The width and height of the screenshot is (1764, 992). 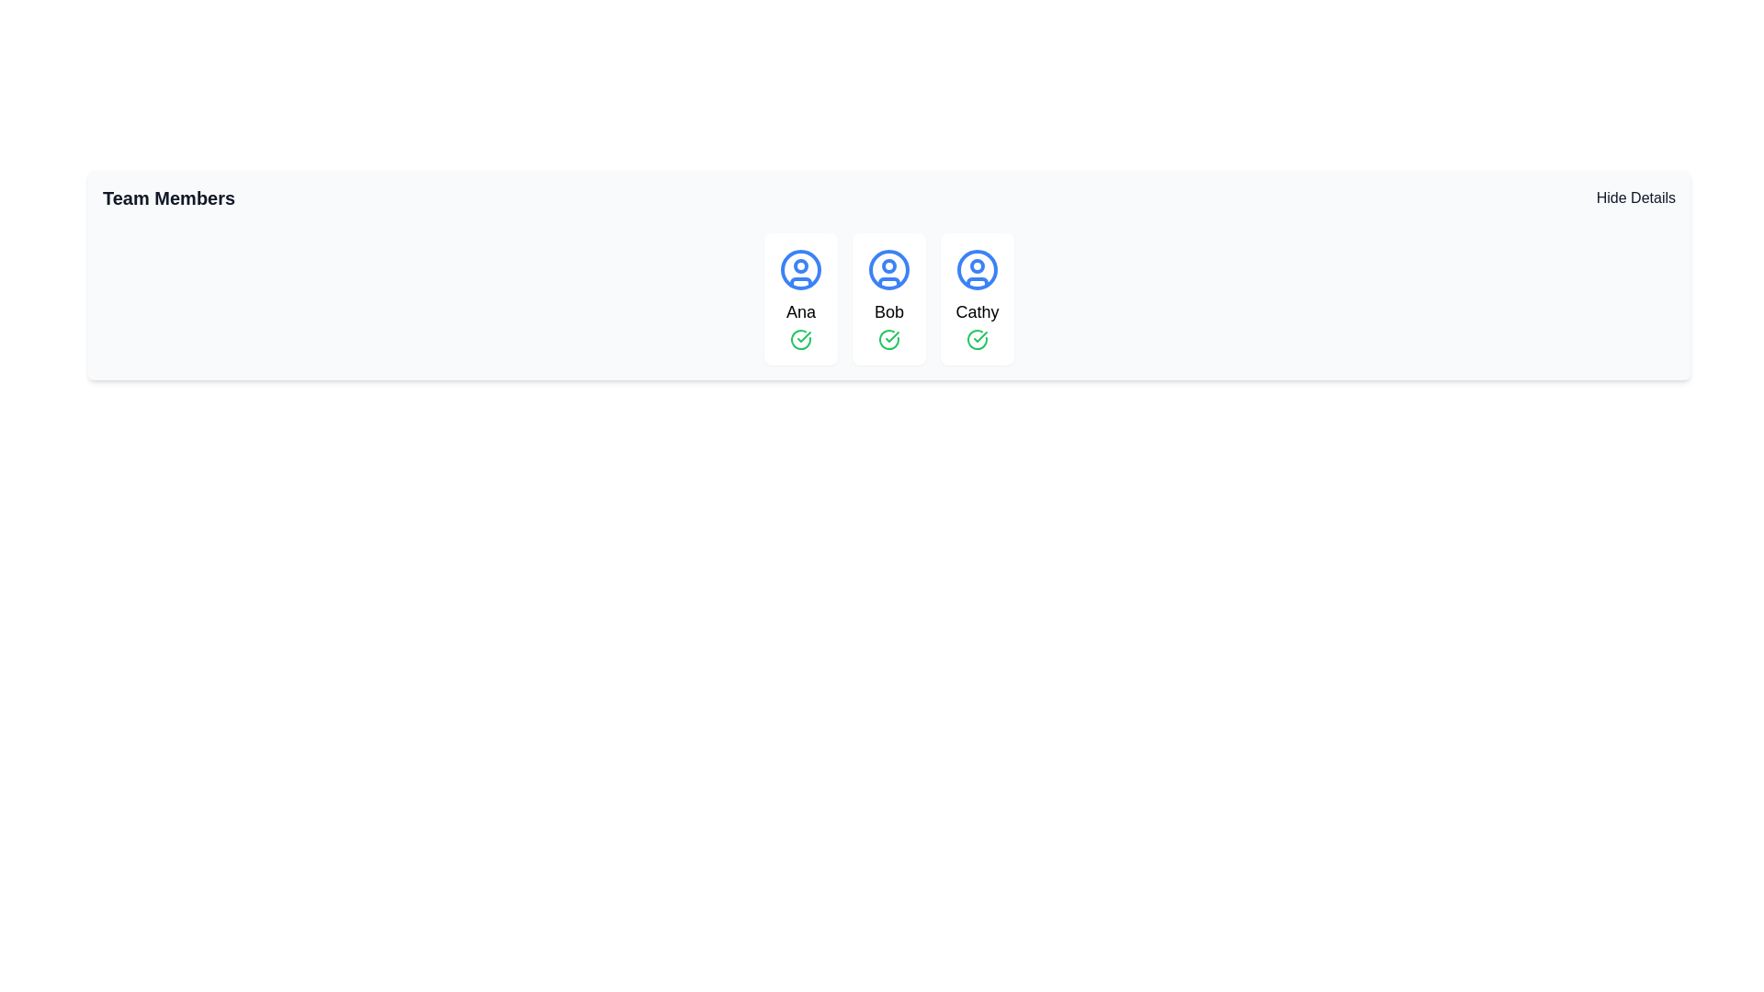 What do you see at coordinates (801, 265) in the screenshot?
I see `the small blue outlined circle with a white fill located at the center-top of Ana's profile icon, which is the first in the row of team member cards` at bounding box center [801, 265].